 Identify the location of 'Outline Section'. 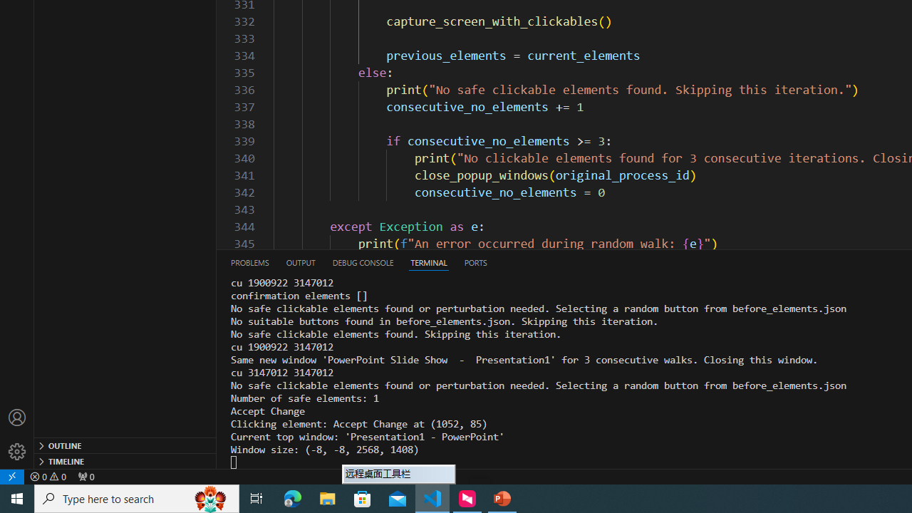
(125, 444).